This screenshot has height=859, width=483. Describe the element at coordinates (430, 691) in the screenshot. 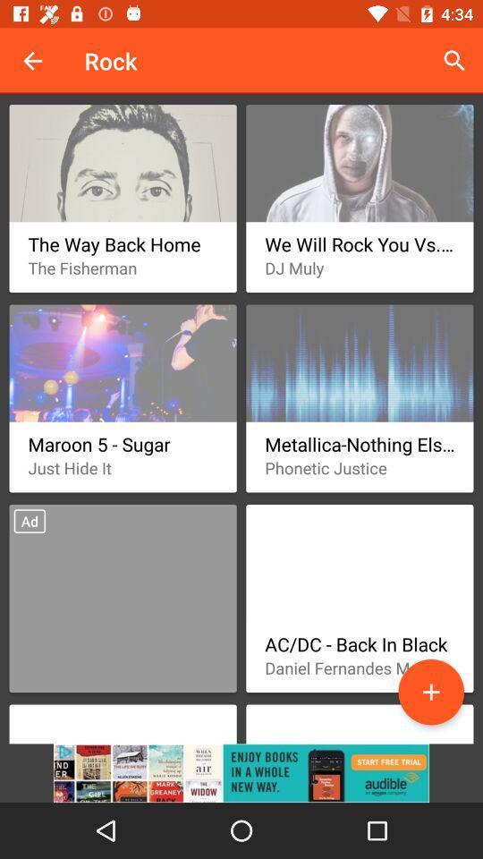

I see `another song` at that location.